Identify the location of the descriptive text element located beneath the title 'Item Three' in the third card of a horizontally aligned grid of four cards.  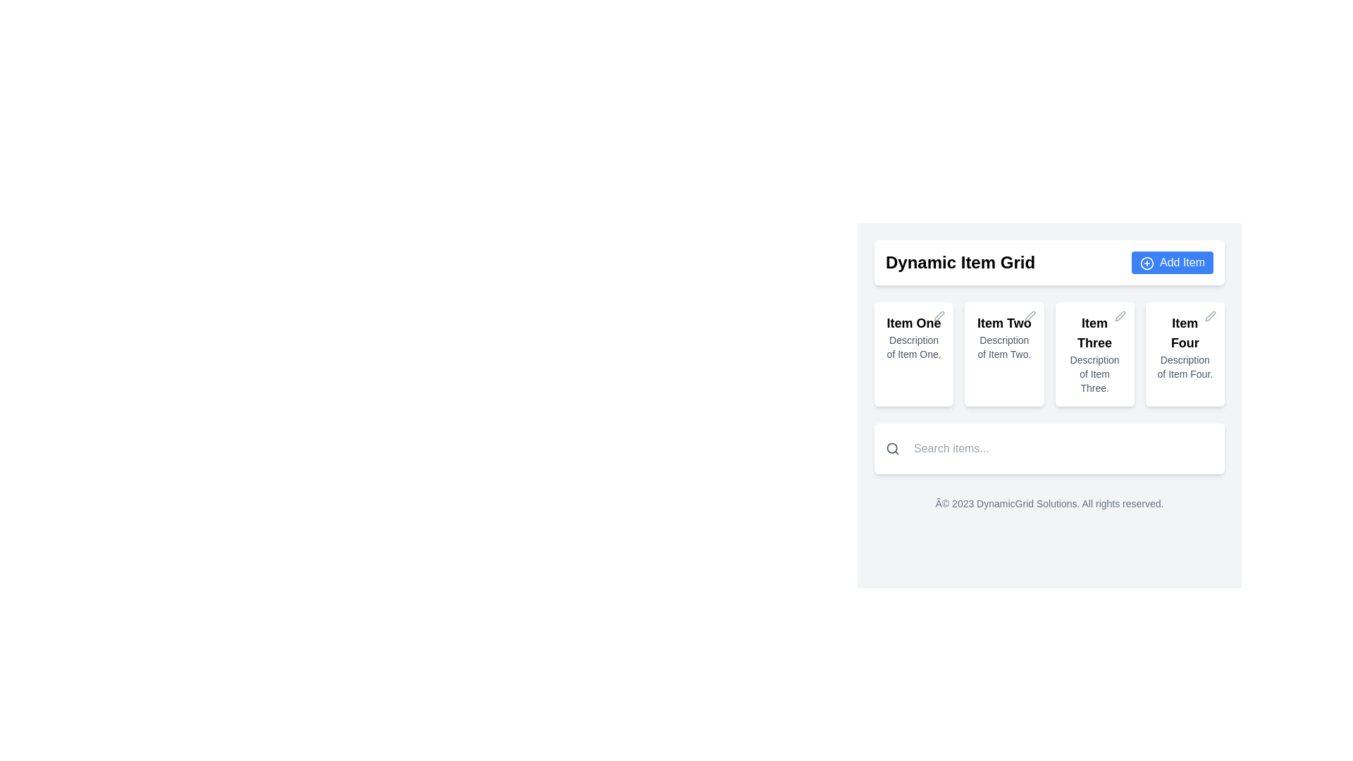
(1094, 373).